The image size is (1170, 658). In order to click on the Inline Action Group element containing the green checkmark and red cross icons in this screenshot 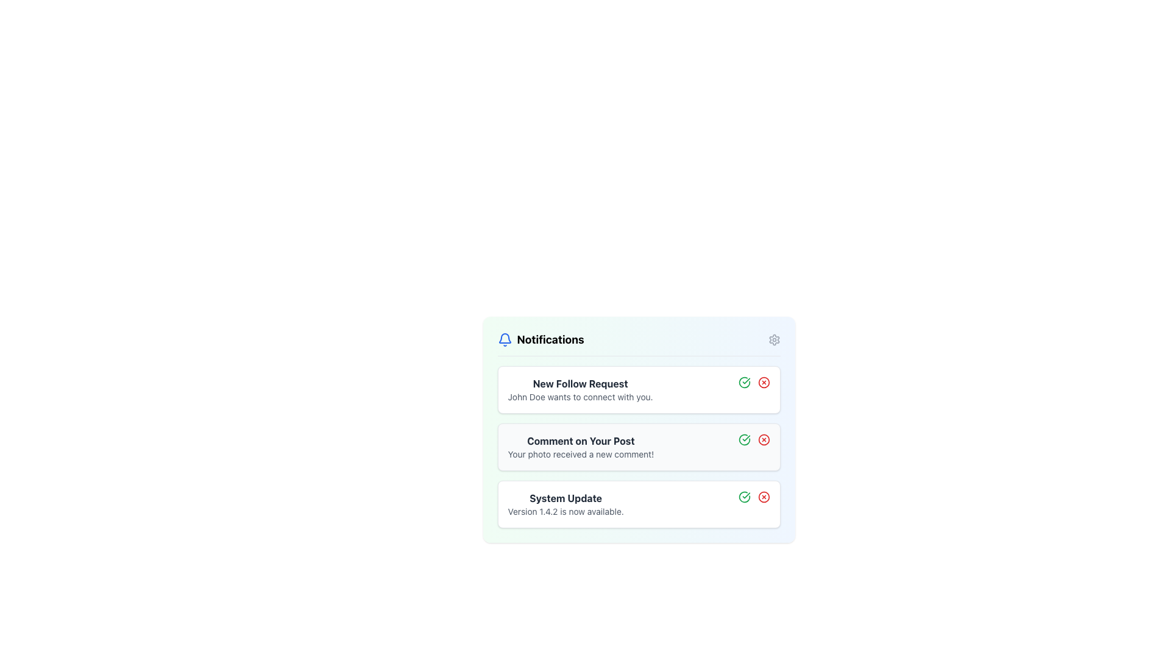, I will do `click(753, 382)`.